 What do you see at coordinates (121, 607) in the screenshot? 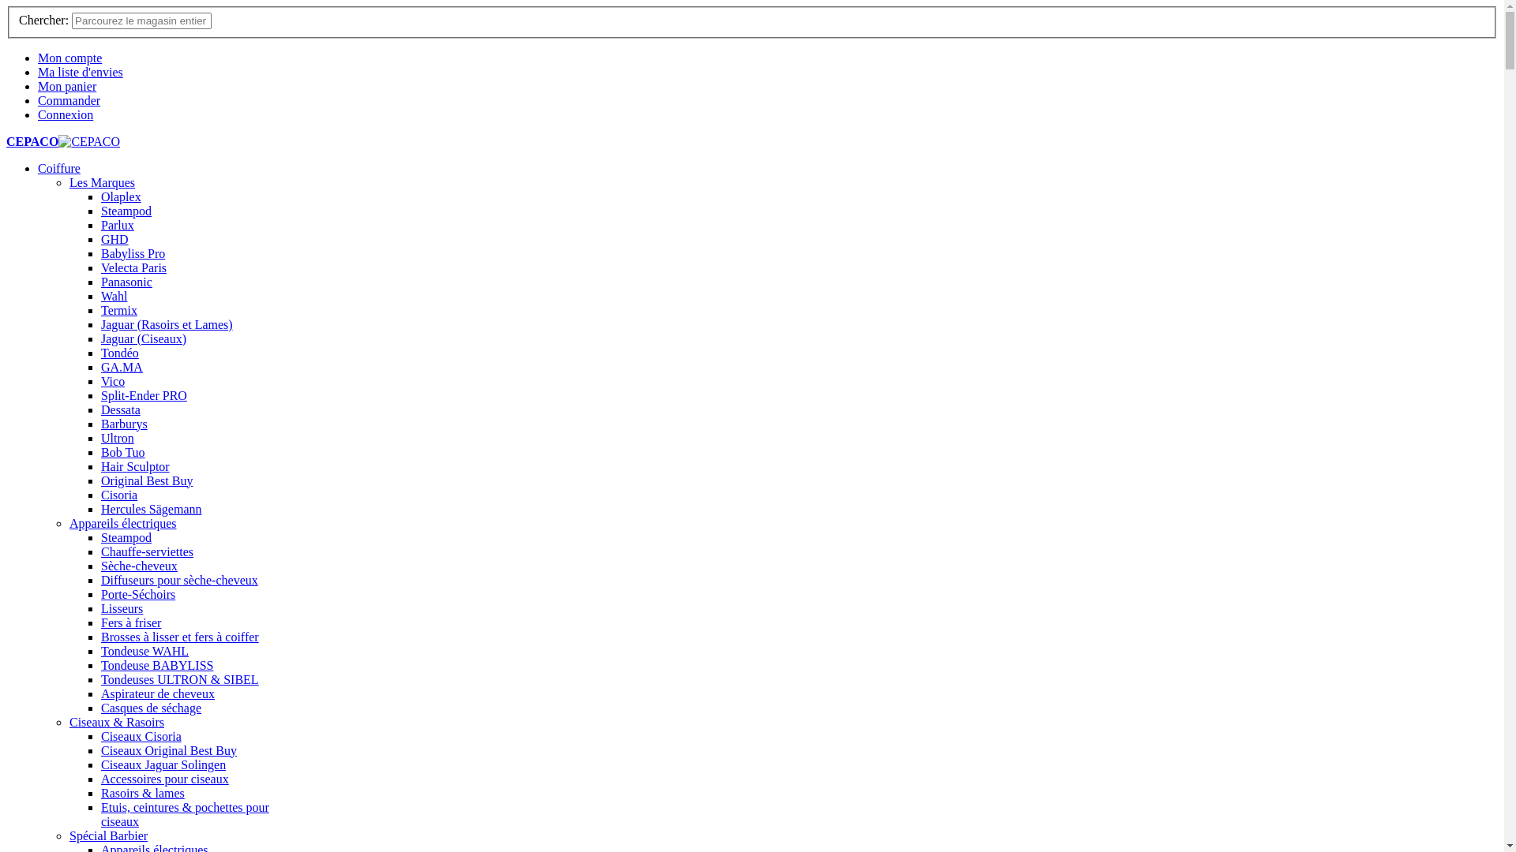
I see `'Lisseurs'` at bounding box center [121, 607].